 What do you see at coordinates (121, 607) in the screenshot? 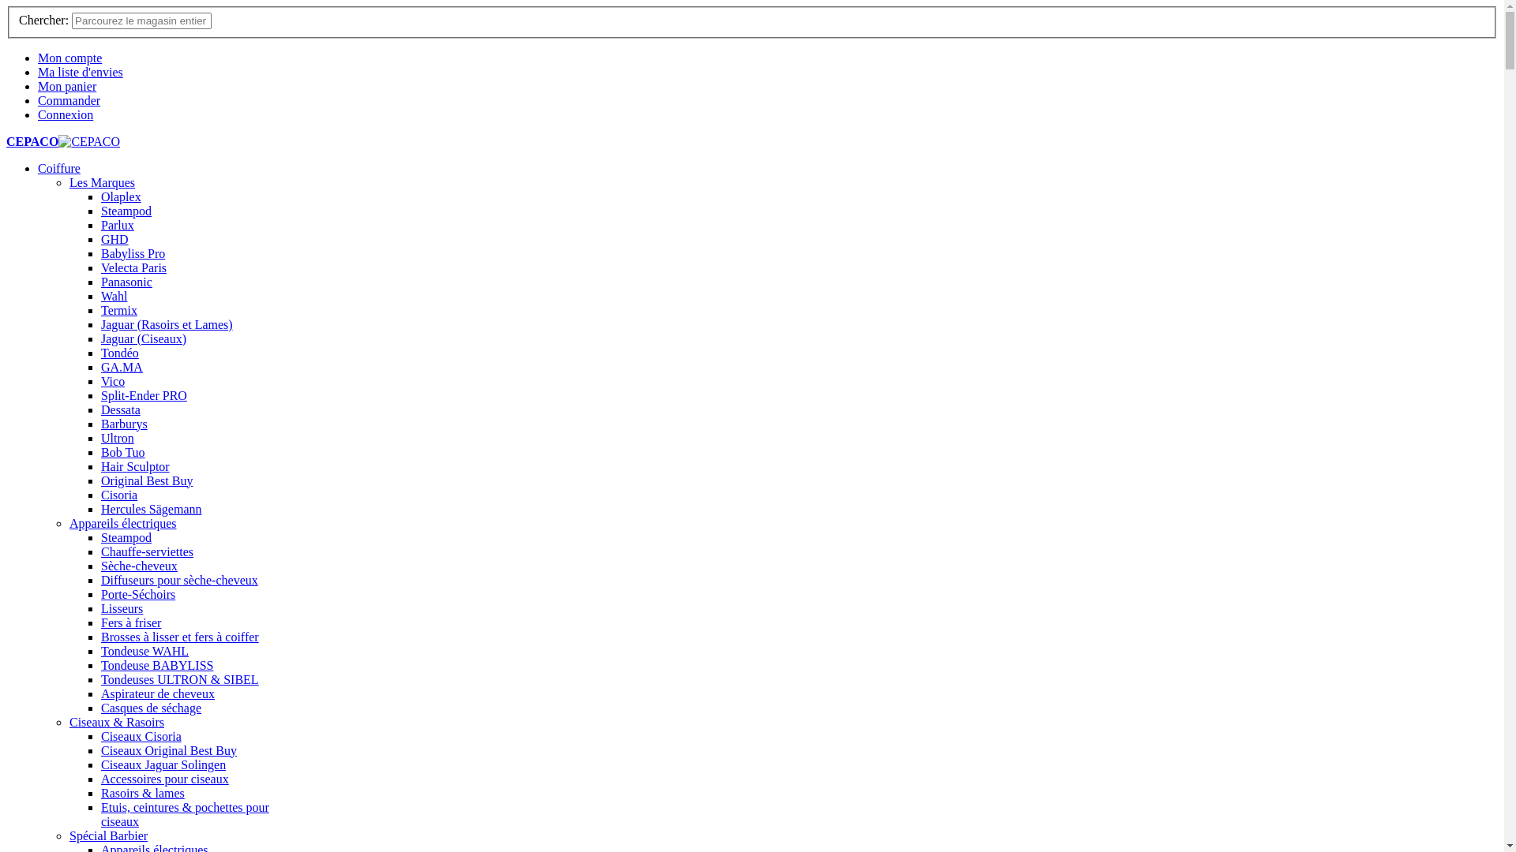
I see `'Lisseurs'` at bounding box center [121, 607].